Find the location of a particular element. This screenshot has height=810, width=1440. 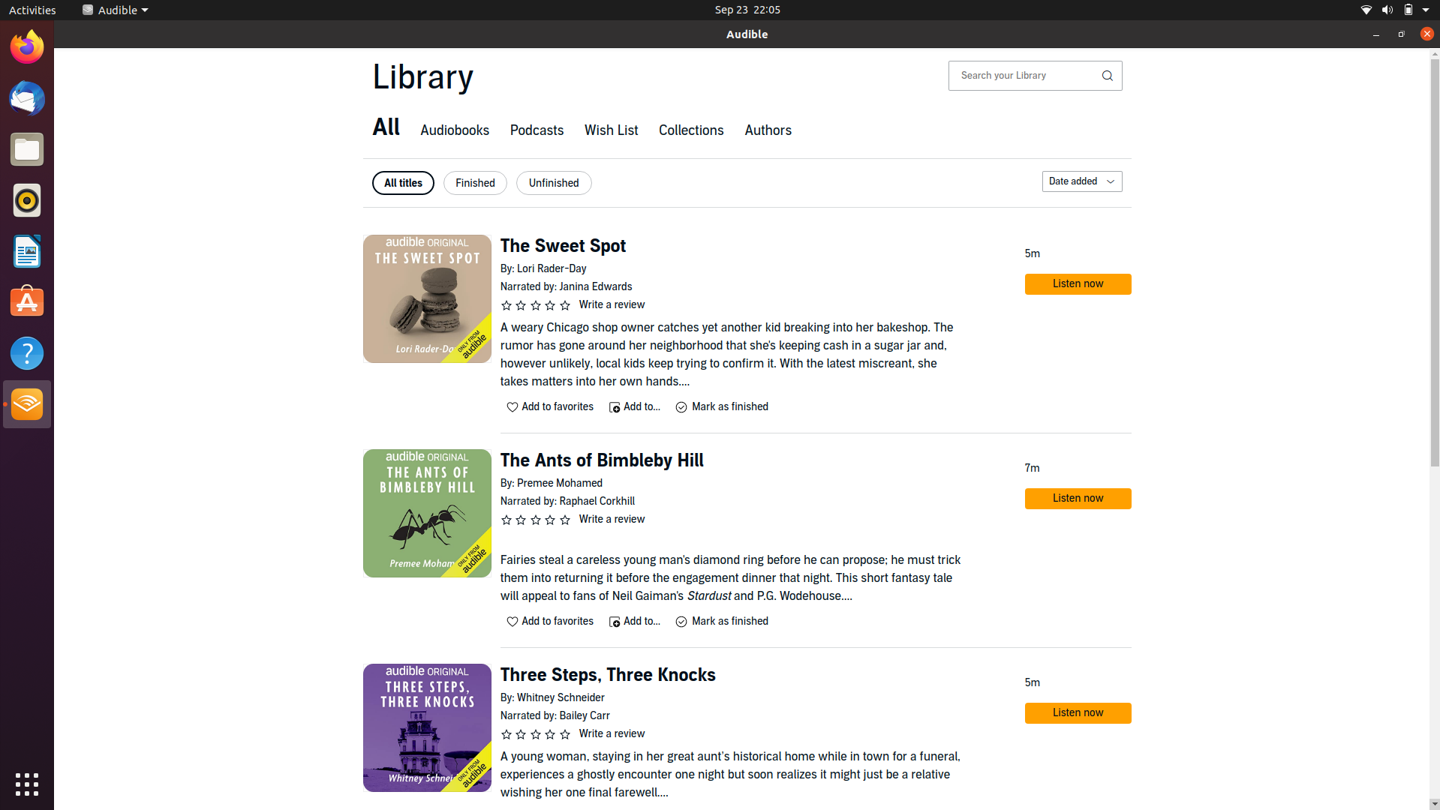

Navigate down to view the following book in the list is located at coordinates (1432800, 463725).